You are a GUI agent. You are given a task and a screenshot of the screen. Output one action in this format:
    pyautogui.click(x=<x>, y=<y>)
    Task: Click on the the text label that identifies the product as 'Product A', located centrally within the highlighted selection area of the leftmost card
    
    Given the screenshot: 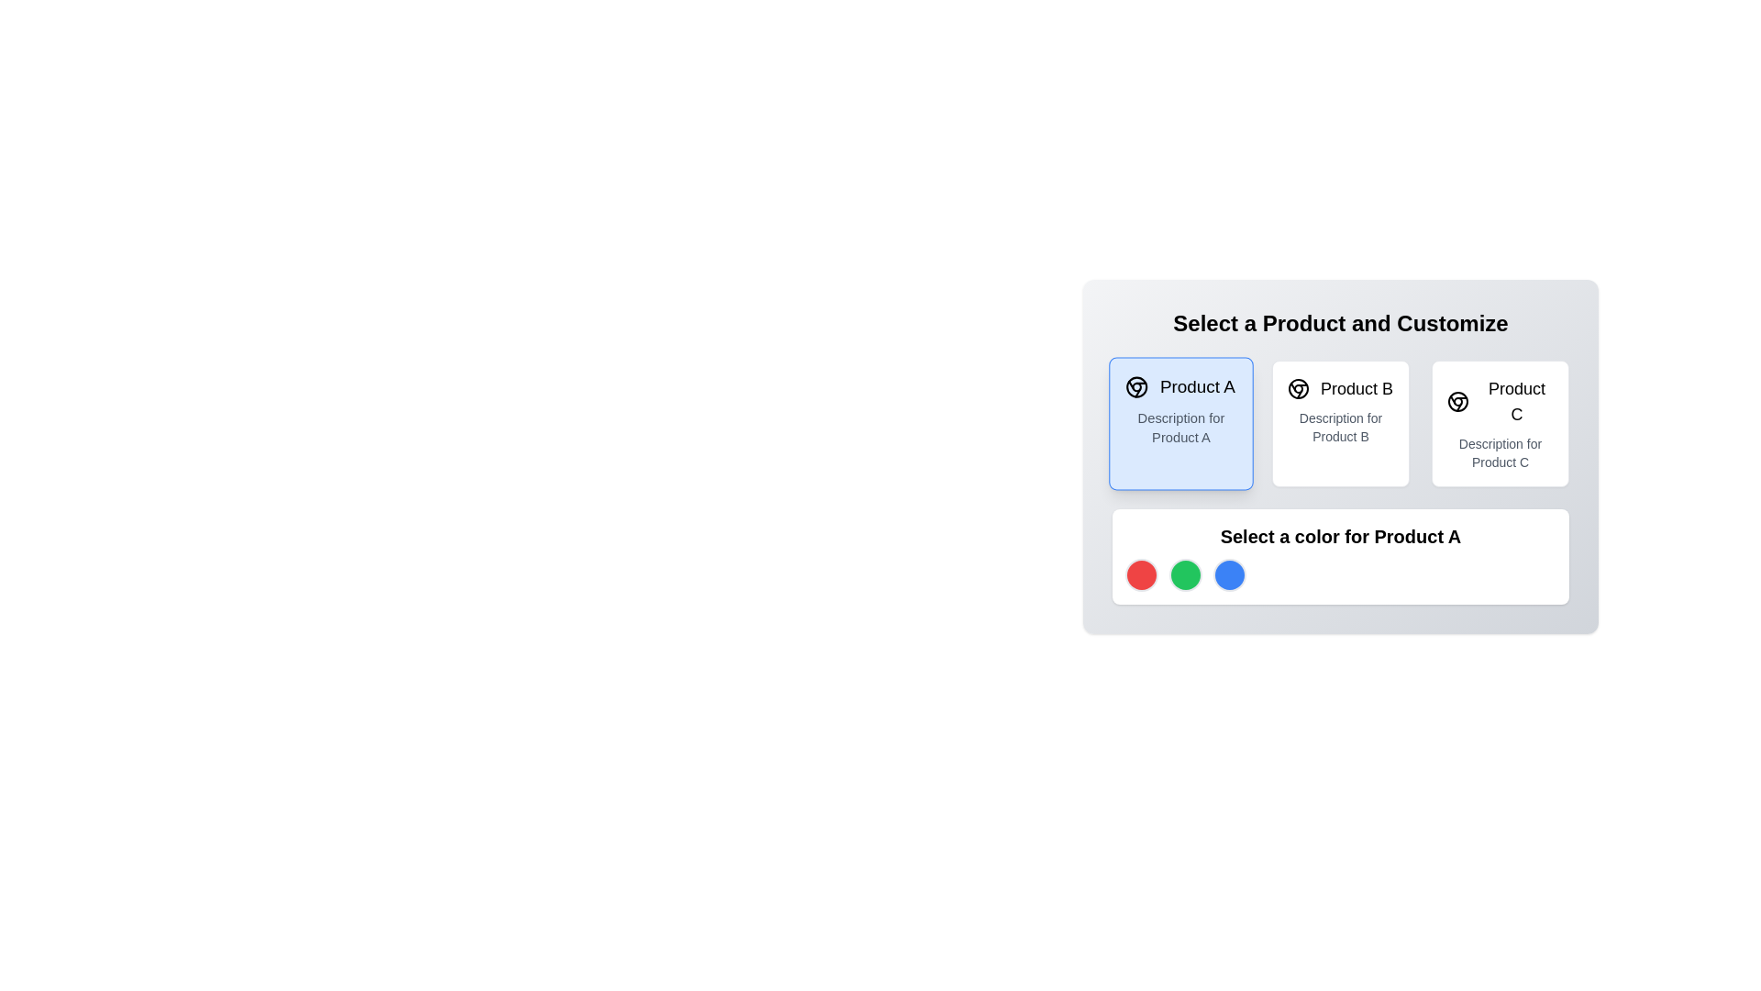 What is the action you would take?
    pyautogui.click(x=1197, y=386)
    